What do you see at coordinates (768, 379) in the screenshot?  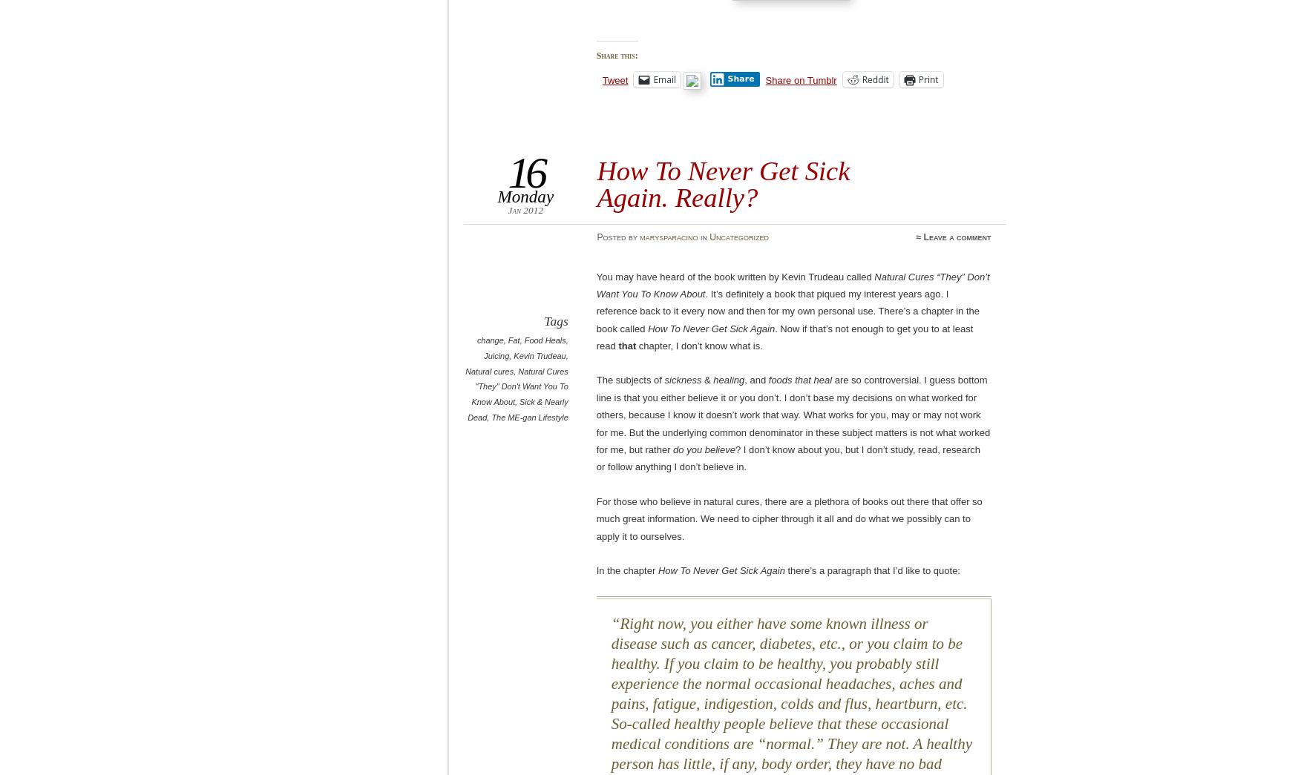 I see `'foods that heal'` at bounding box center [768, 379].